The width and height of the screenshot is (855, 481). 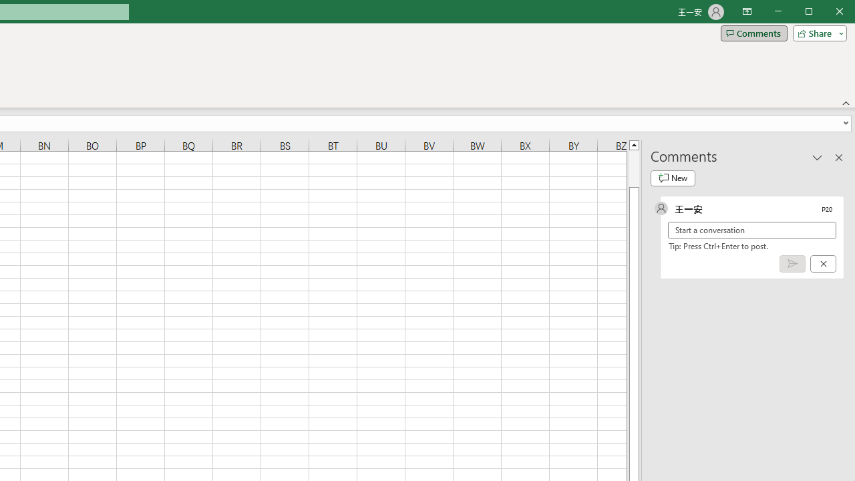 I want to click on 'Cancel', so click(x=822, y=264).